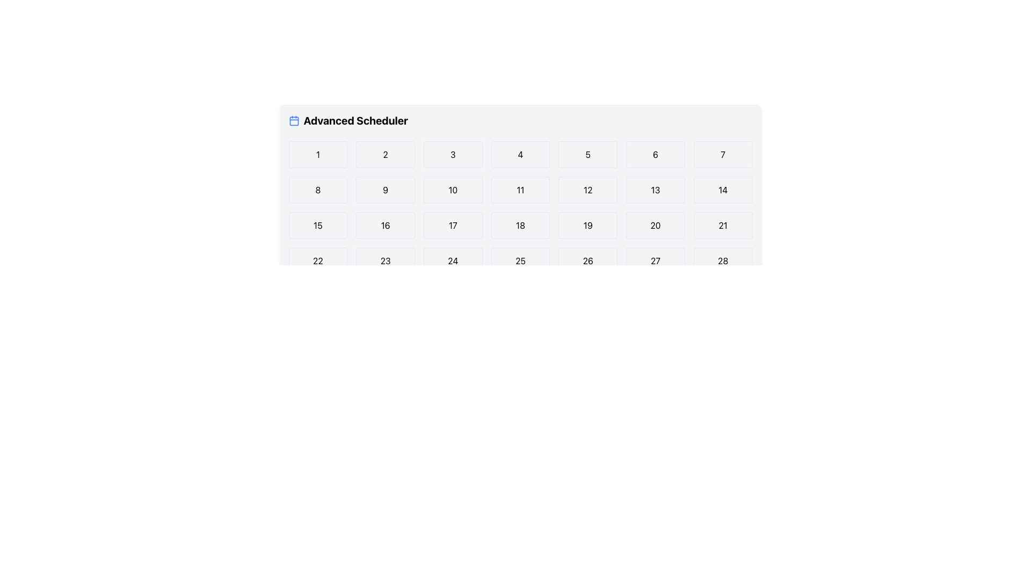 The width and height of the screenshot is (1031, 580). What do you see at coordinates (453, 225) in the screenshot?
I see `the button representing the numerical value 17, located in the third row and third column of the grid, between the buttons labeled '16' and '18'` at bounding box center [453, 225].